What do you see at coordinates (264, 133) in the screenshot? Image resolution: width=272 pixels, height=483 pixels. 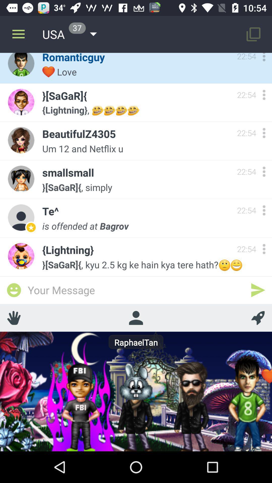 I see `open options` at bounding box center [264, 133].